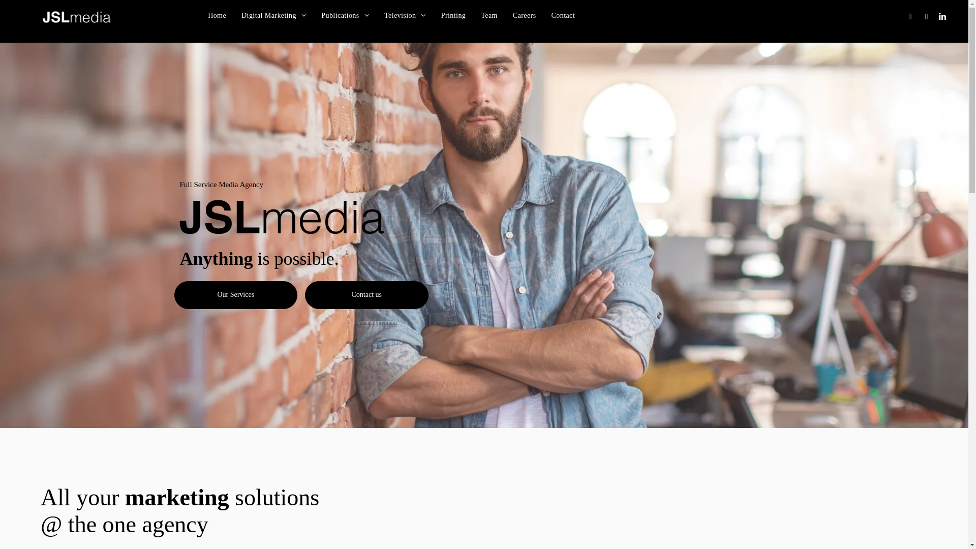  What do you see at coordinates (235, 295) in the screenshot?
I see `'Our Services'` at bounding box center [235, 295].